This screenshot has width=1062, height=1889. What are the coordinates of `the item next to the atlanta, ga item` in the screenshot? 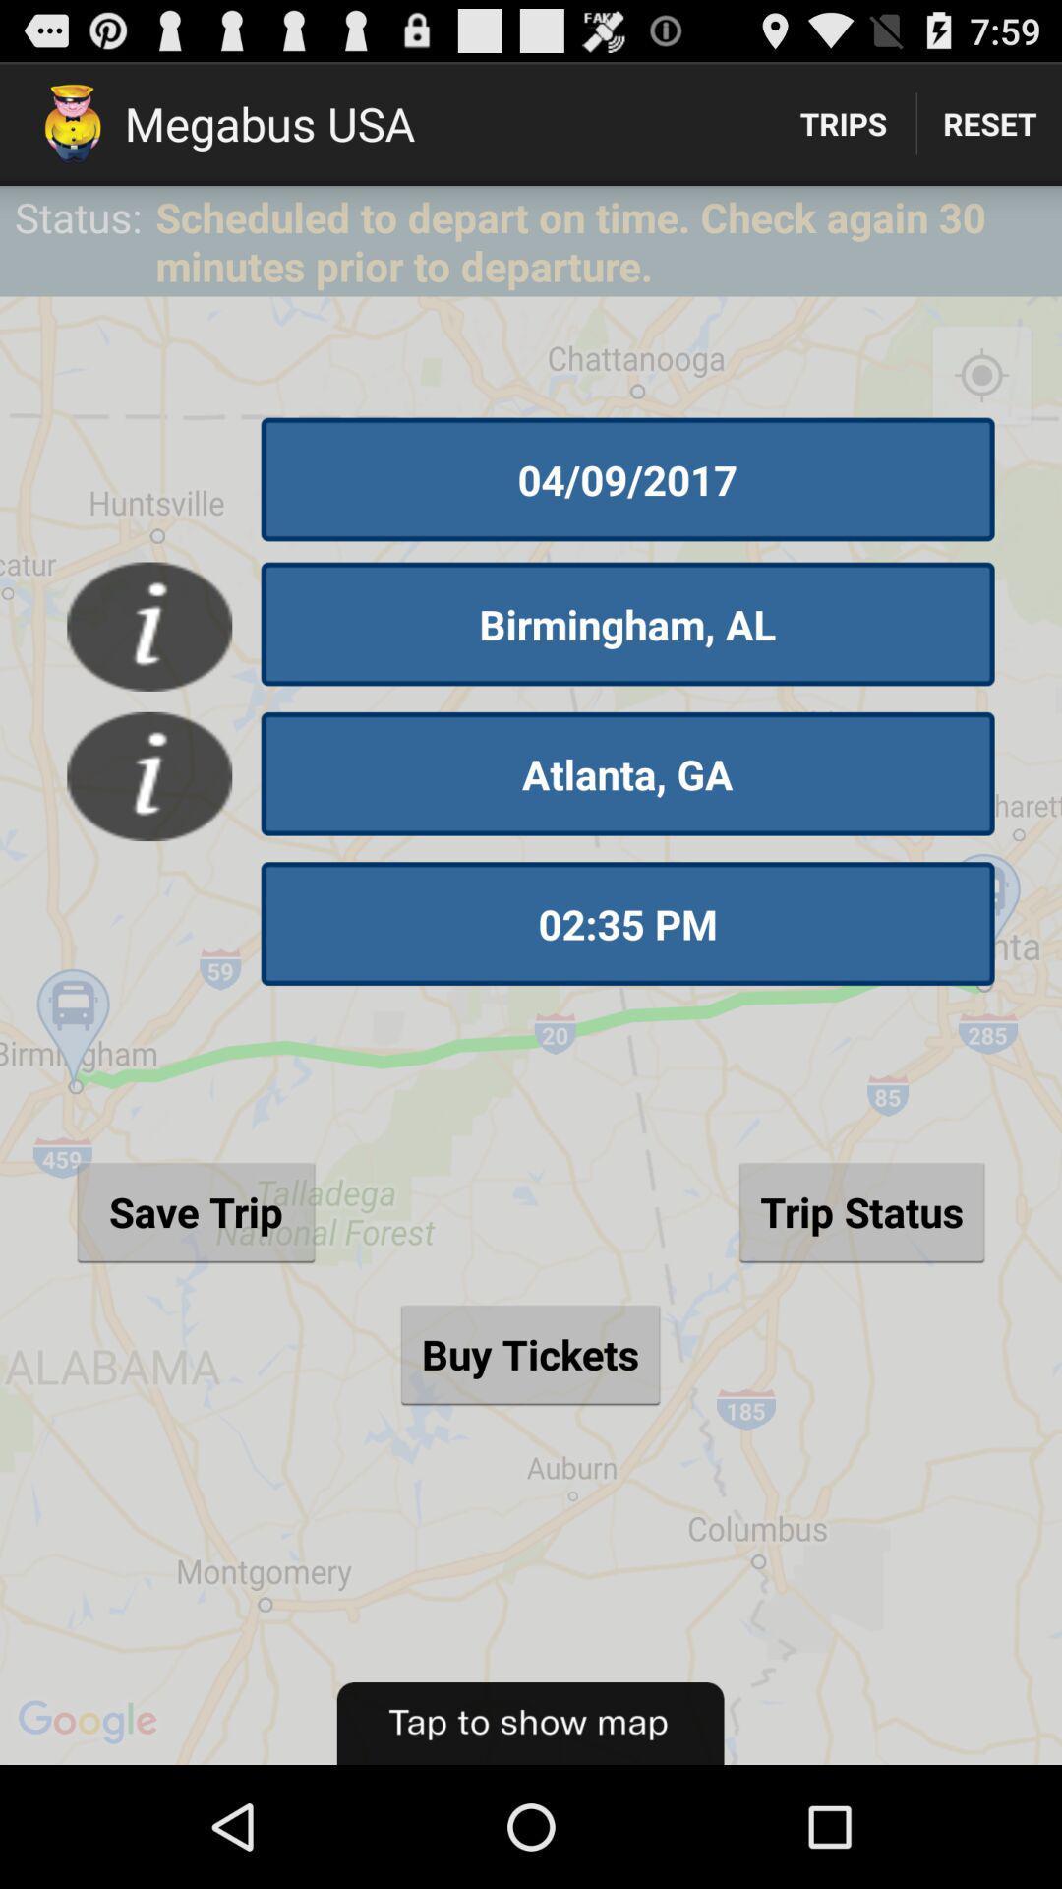 It's located at (148, 775).